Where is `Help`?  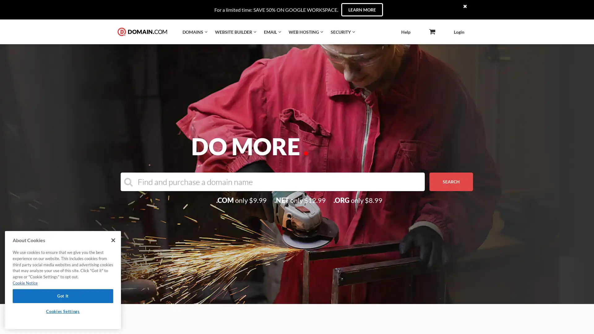
Help is located at coordinates (406, 32).